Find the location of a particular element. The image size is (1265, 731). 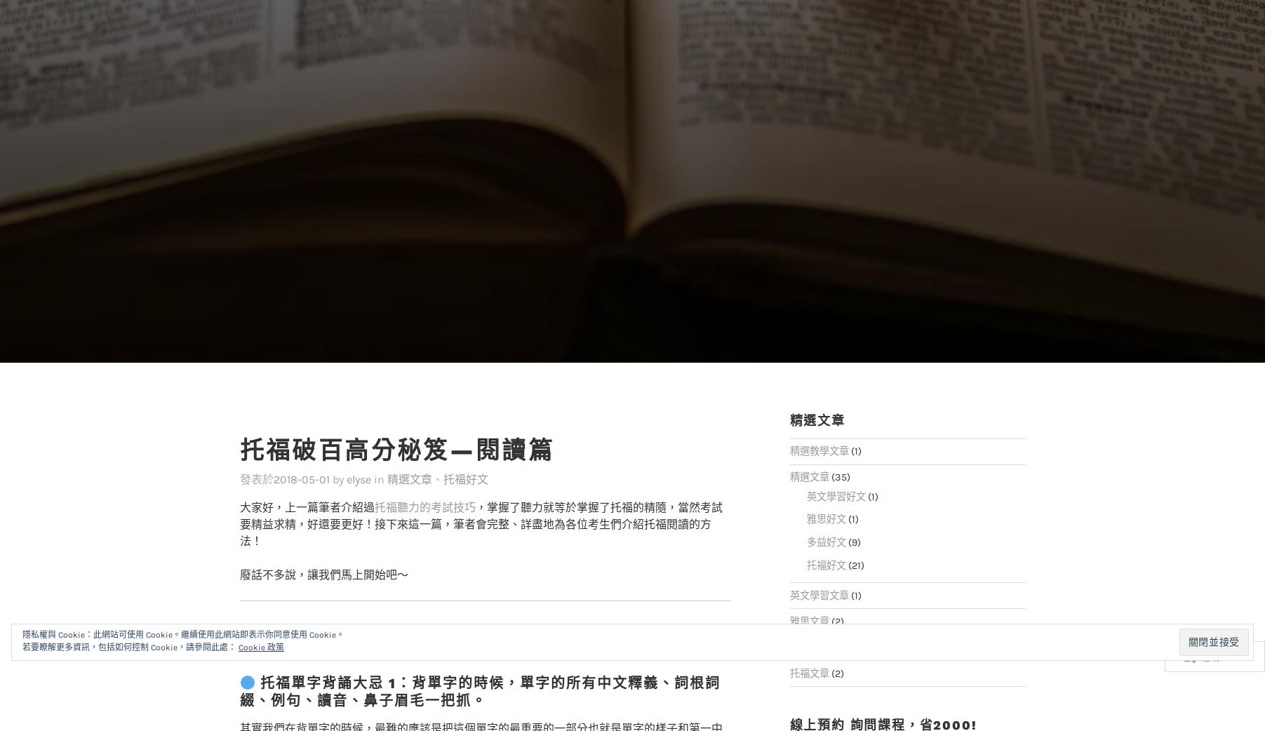

'2018-05-01' is located at coordinates (300, 451).